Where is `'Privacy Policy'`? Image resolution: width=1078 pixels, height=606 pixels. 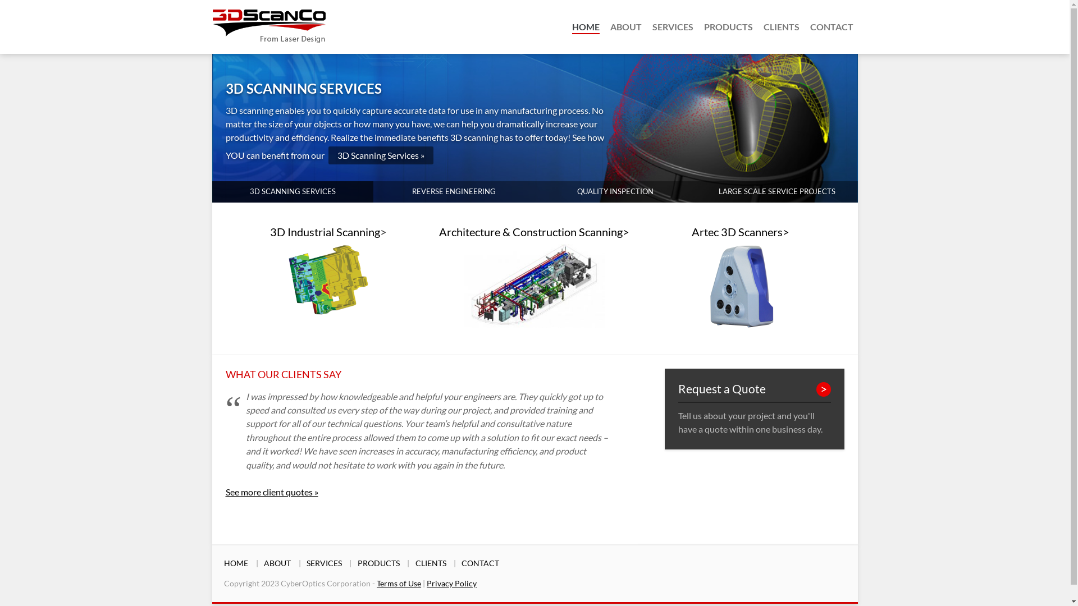 'Privacy Policy' is located at coordinates (451, 582).